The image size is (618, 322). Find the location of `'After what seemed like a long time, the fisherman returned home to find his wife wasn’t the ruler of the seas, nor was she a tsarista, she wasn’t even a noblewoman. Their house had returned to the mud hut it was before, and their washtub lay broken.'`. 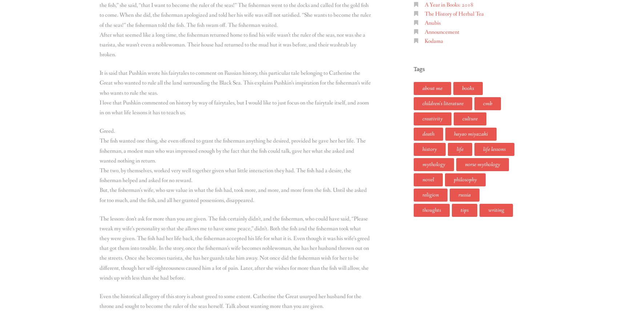

'After what seemed like a long time, the fisherman returned home to find his wife wasn’t the ruler of the seas, nor was she a tsarista, she wasn’t even a noblewoman. Their house had returned to the mud hut it was before, and their washtub lay broken.' is located at coordinates (232, 44).